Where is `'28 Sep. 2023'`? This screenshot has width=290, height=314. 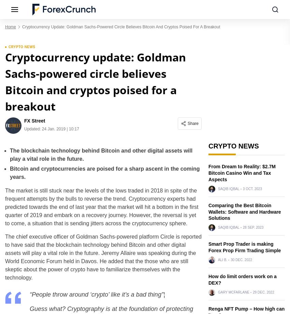
'28 Sep. 2023' is located at coordinates (253, 227).